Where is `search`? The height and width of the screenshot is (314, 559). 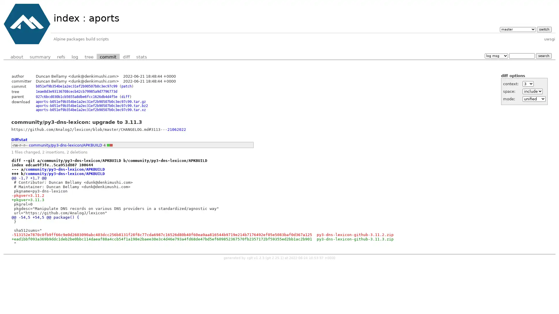
search is located at coordinates (543, 56).